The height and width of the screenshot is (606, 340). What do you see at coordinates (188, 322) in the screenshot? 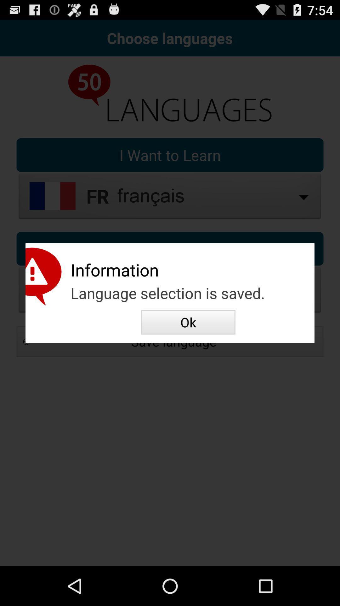
I see `the ok` at bounding box center [188, 322].